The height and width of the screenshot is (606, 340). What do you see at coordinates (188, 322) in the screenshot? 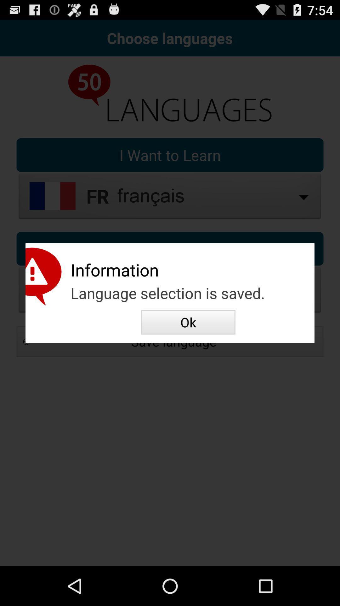
I see `the ok` at bounding box center [188, 322].